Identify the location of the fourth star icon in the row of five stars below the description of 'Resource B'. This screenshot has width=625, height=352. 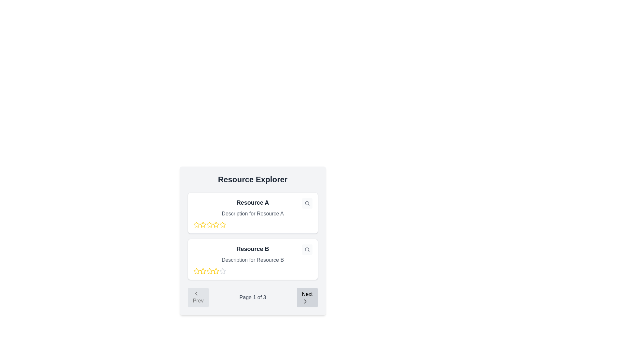
(222, 271).